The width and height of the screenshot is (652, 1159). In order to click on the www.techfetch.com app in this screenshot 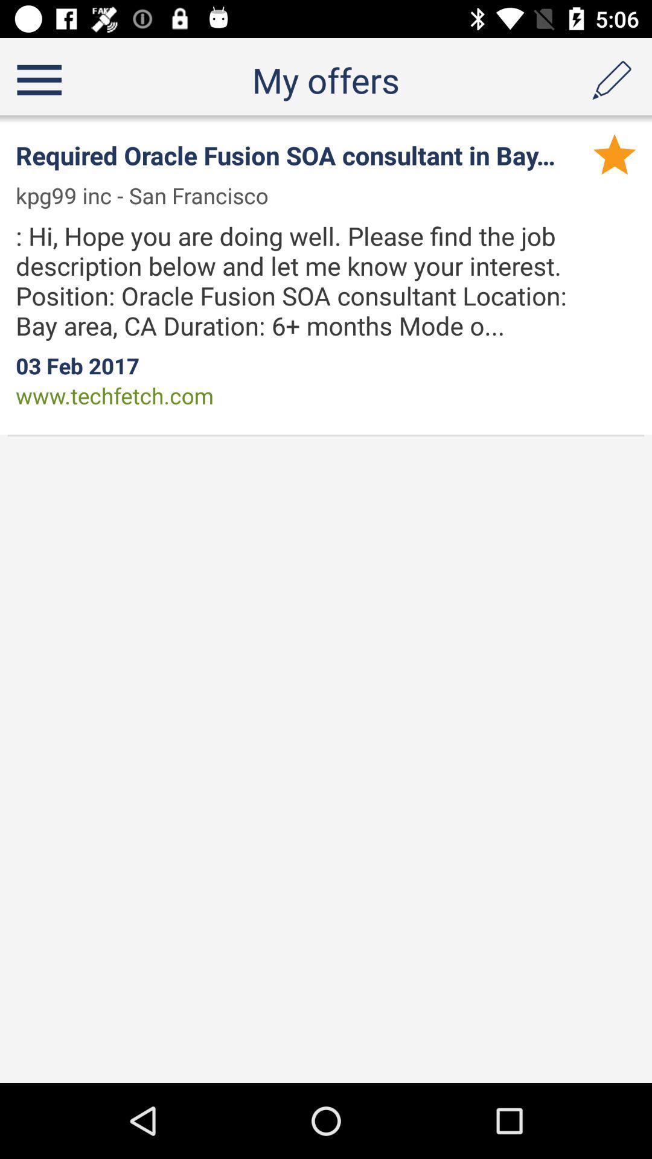, I will do `click(115, 395)`.